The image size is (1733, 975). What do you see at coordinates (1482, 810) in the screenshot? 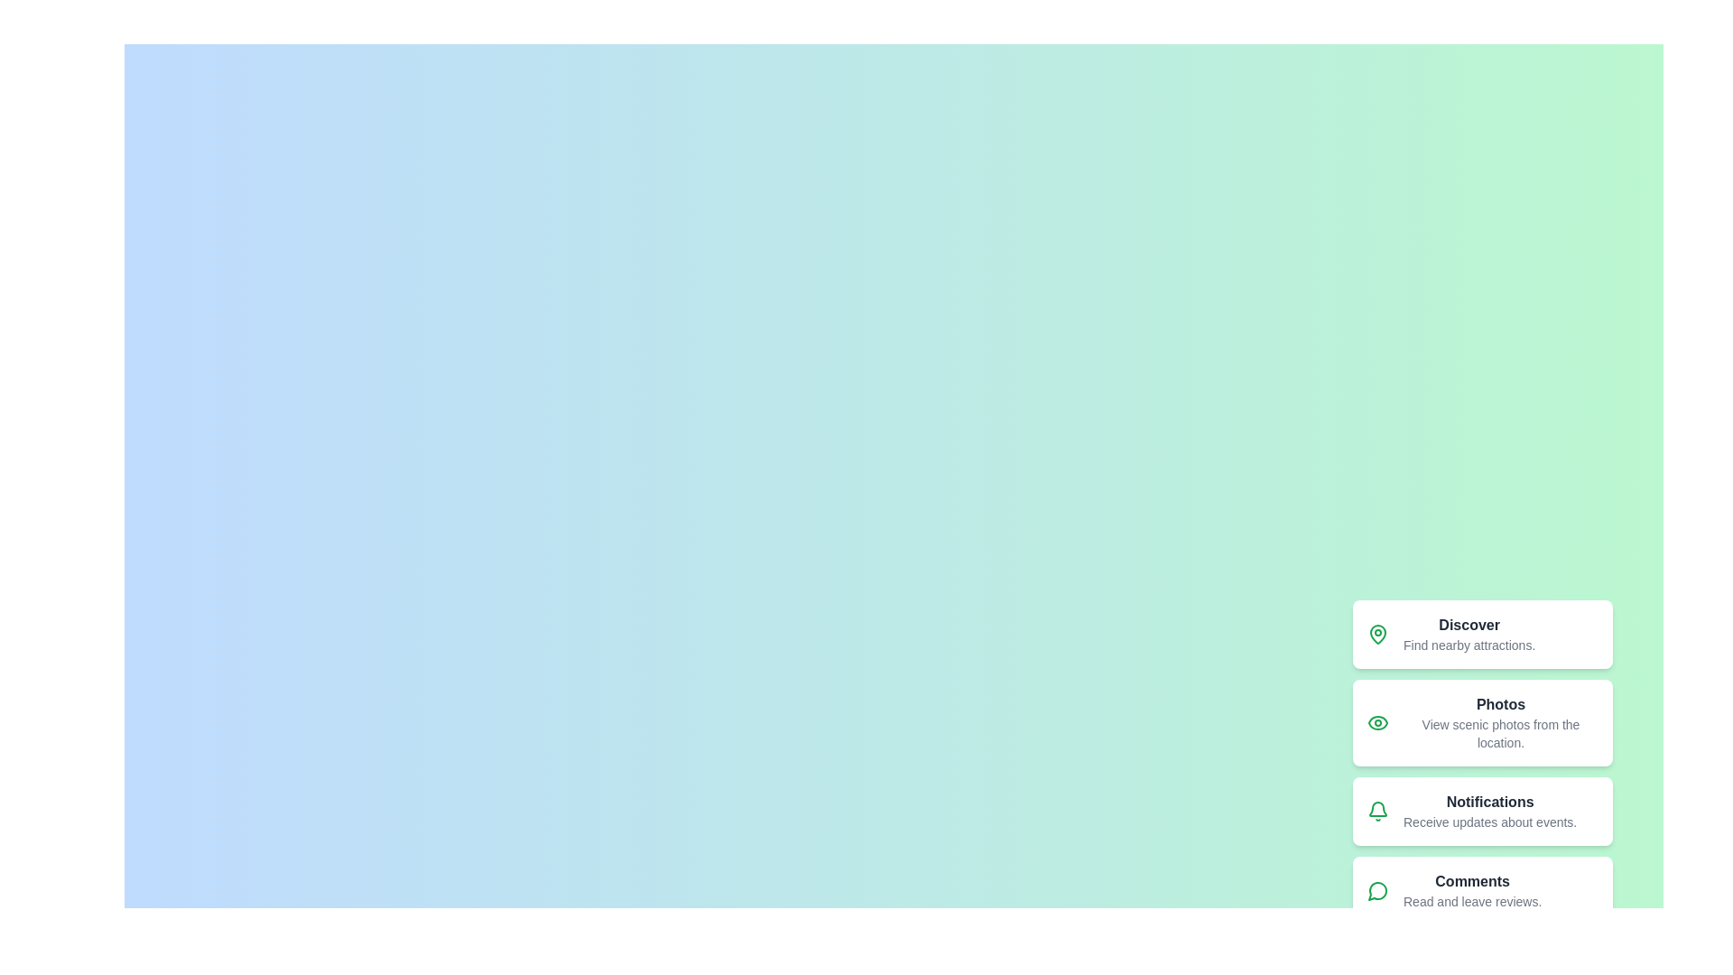
I see `the menu item labeled Notifications from the speed dial menu` at bounding box center [1482, 810].